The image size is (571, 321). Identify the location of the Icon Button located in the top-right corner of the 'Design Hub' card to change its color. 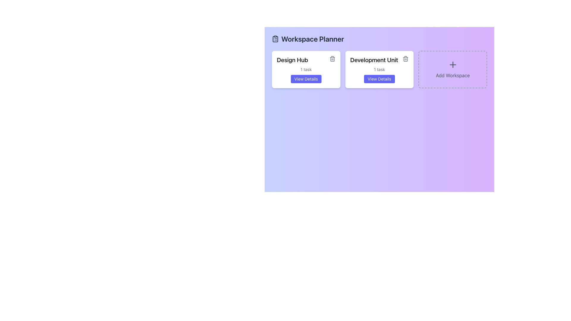
(332, 59).